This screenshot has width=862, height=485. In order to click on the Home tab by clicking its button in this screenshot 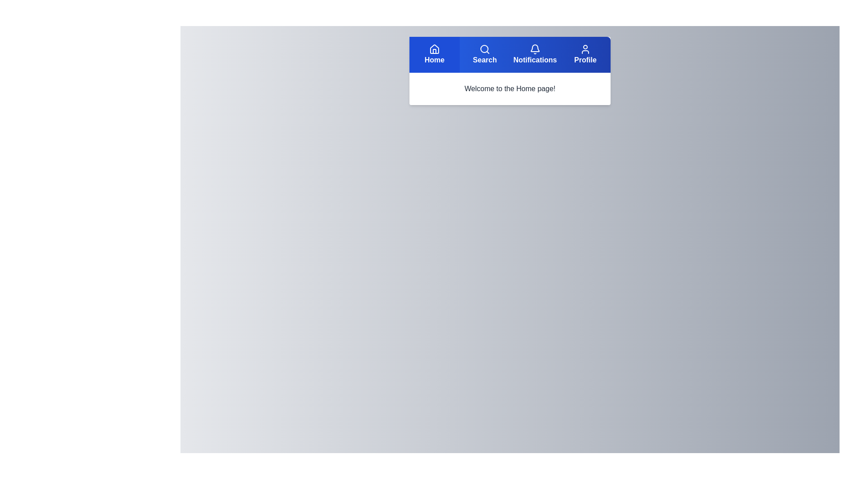, I will do `click(435, 55)`.